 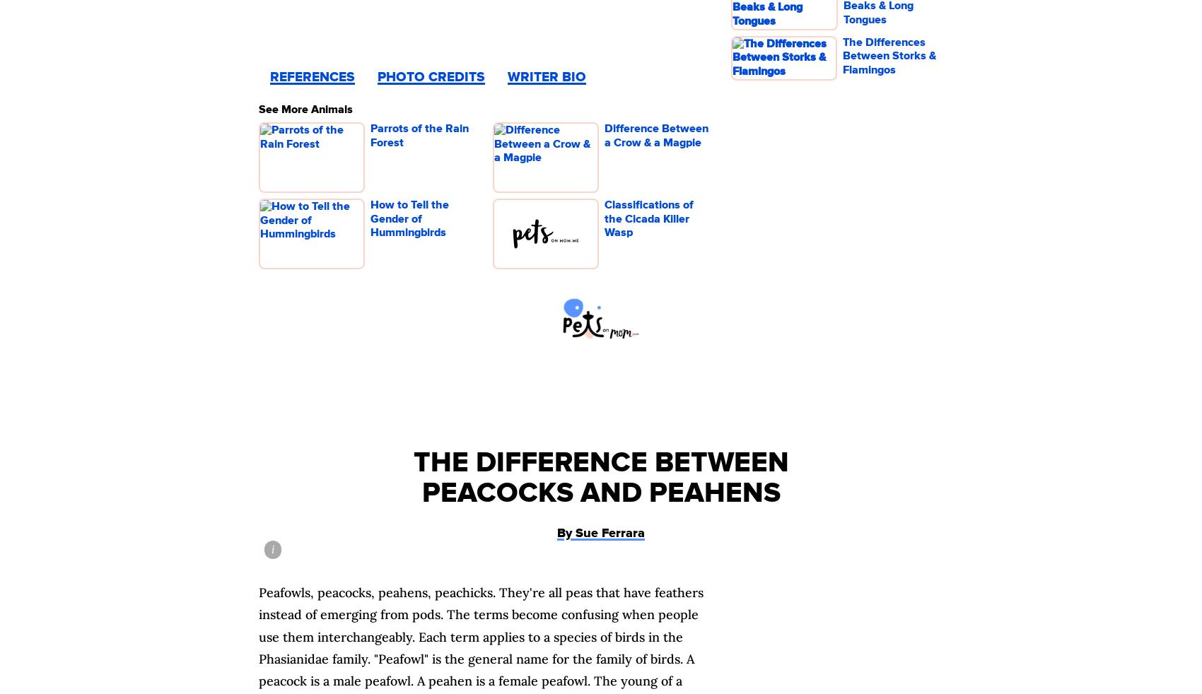 What do you see at coordinates (546, 76) in the screenshot?
I see `'Writer Bio'` at bounding box center [546, 76].